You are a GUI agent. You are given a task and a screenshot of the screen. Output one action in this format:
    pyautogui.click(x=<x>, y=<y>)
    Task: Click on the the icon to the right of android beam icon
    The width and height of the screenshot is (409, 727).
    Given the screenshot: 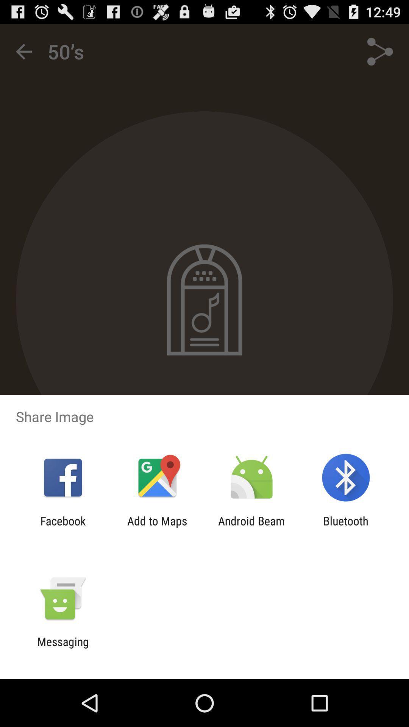 What is the action you would take?
    pyautogui.click(x=346, y=527)
    